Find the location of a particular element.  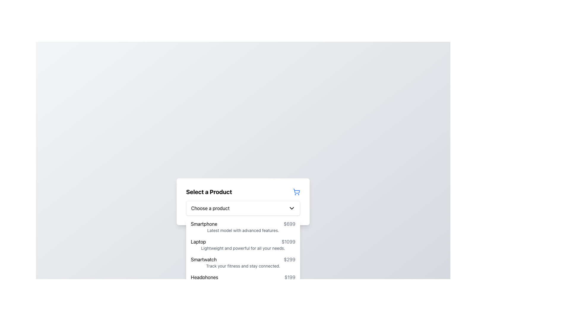

the 'Smartphone' text label in the dropdown menu is located at coordinates (204, 224).